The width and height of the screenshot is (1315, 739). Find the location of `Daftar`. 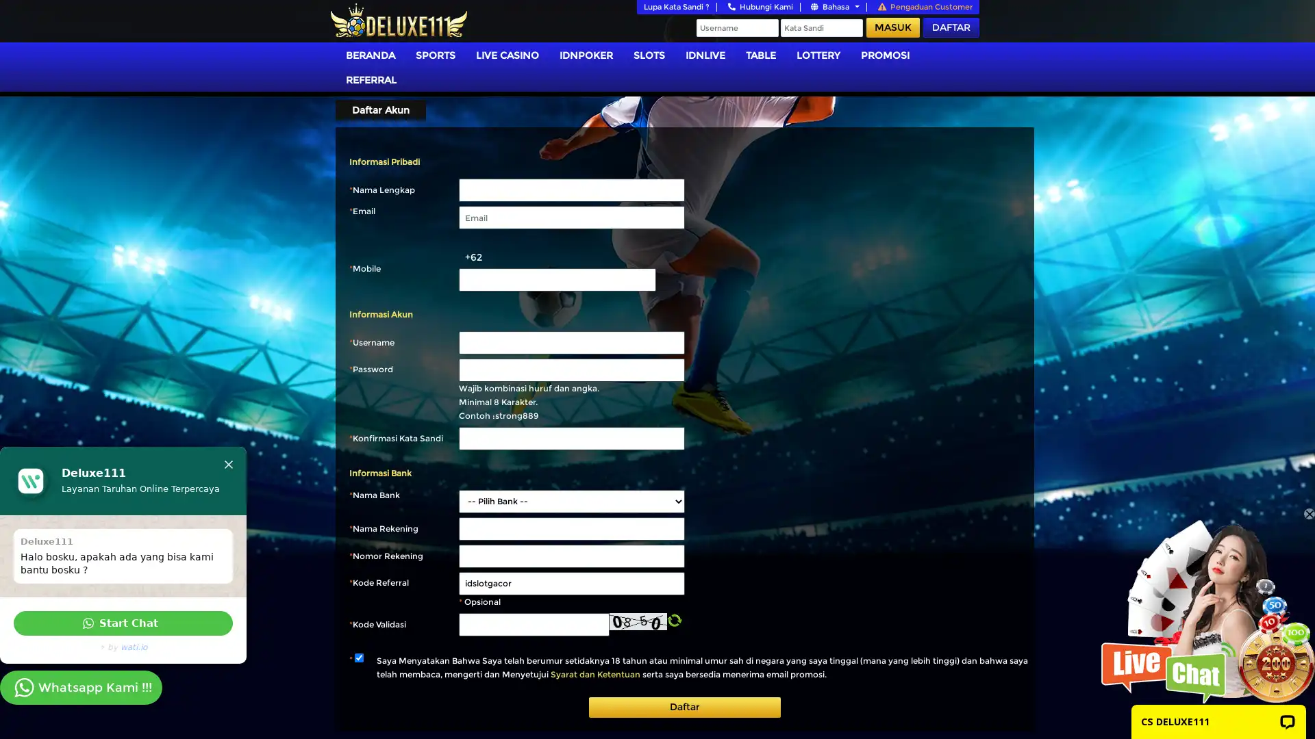

Daftar is located at coordinates (684, 707).